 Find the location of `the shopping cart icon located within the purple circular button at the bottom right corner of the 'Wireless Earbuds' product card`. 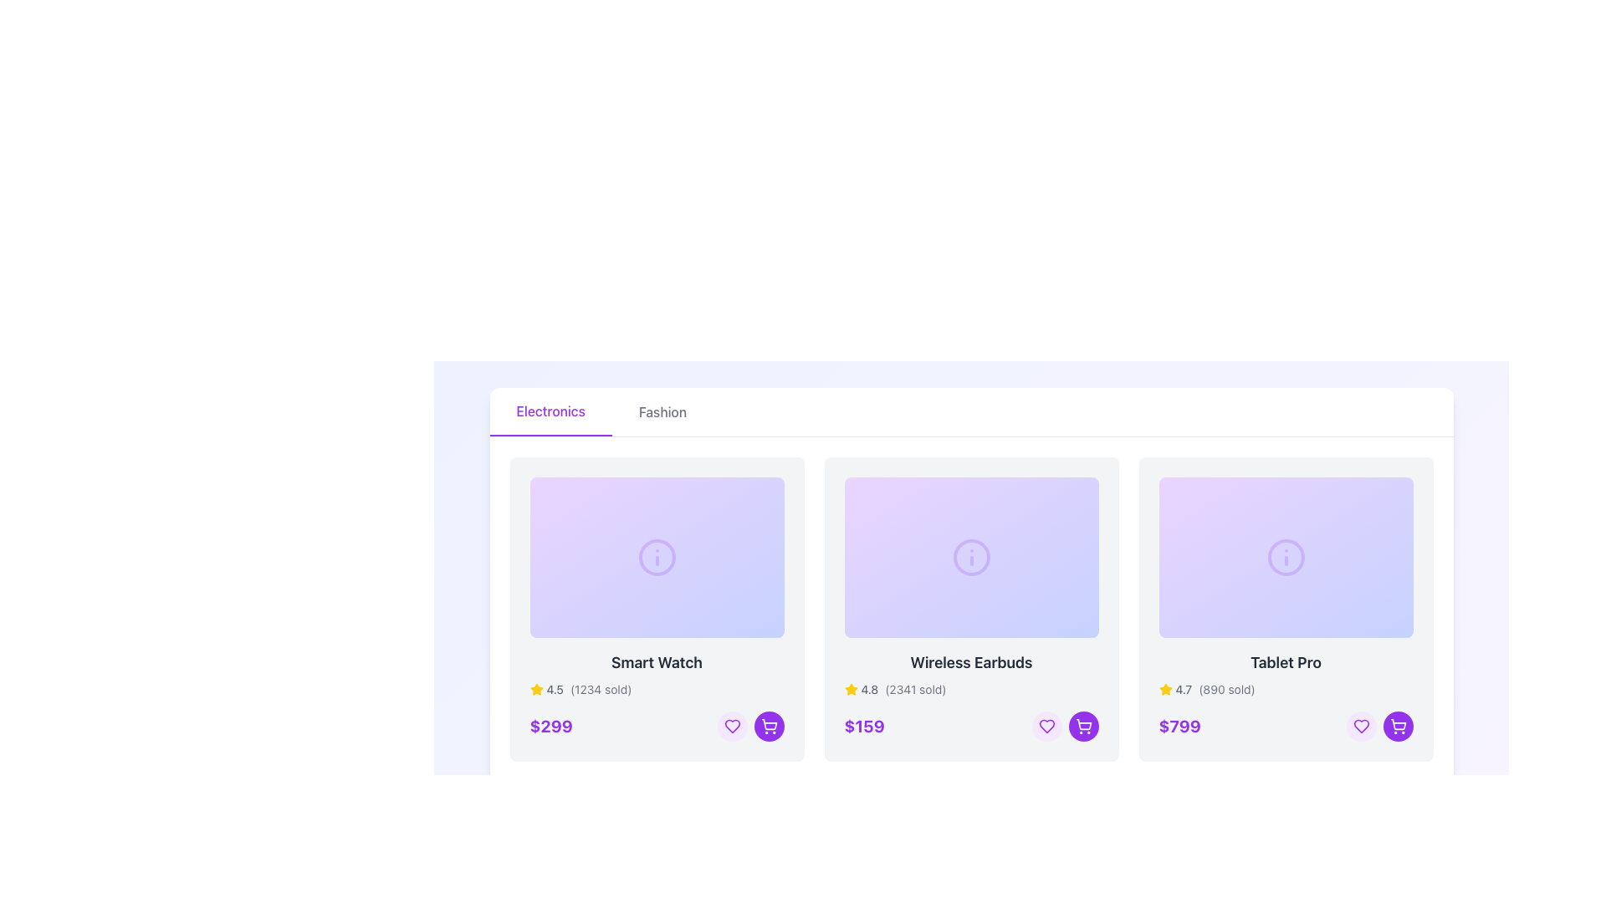

the shopping cart icon located within the purple circular button at the bottom right corner of the 'Wireless Earbuds' product card is located at coordinates (1083, 723).